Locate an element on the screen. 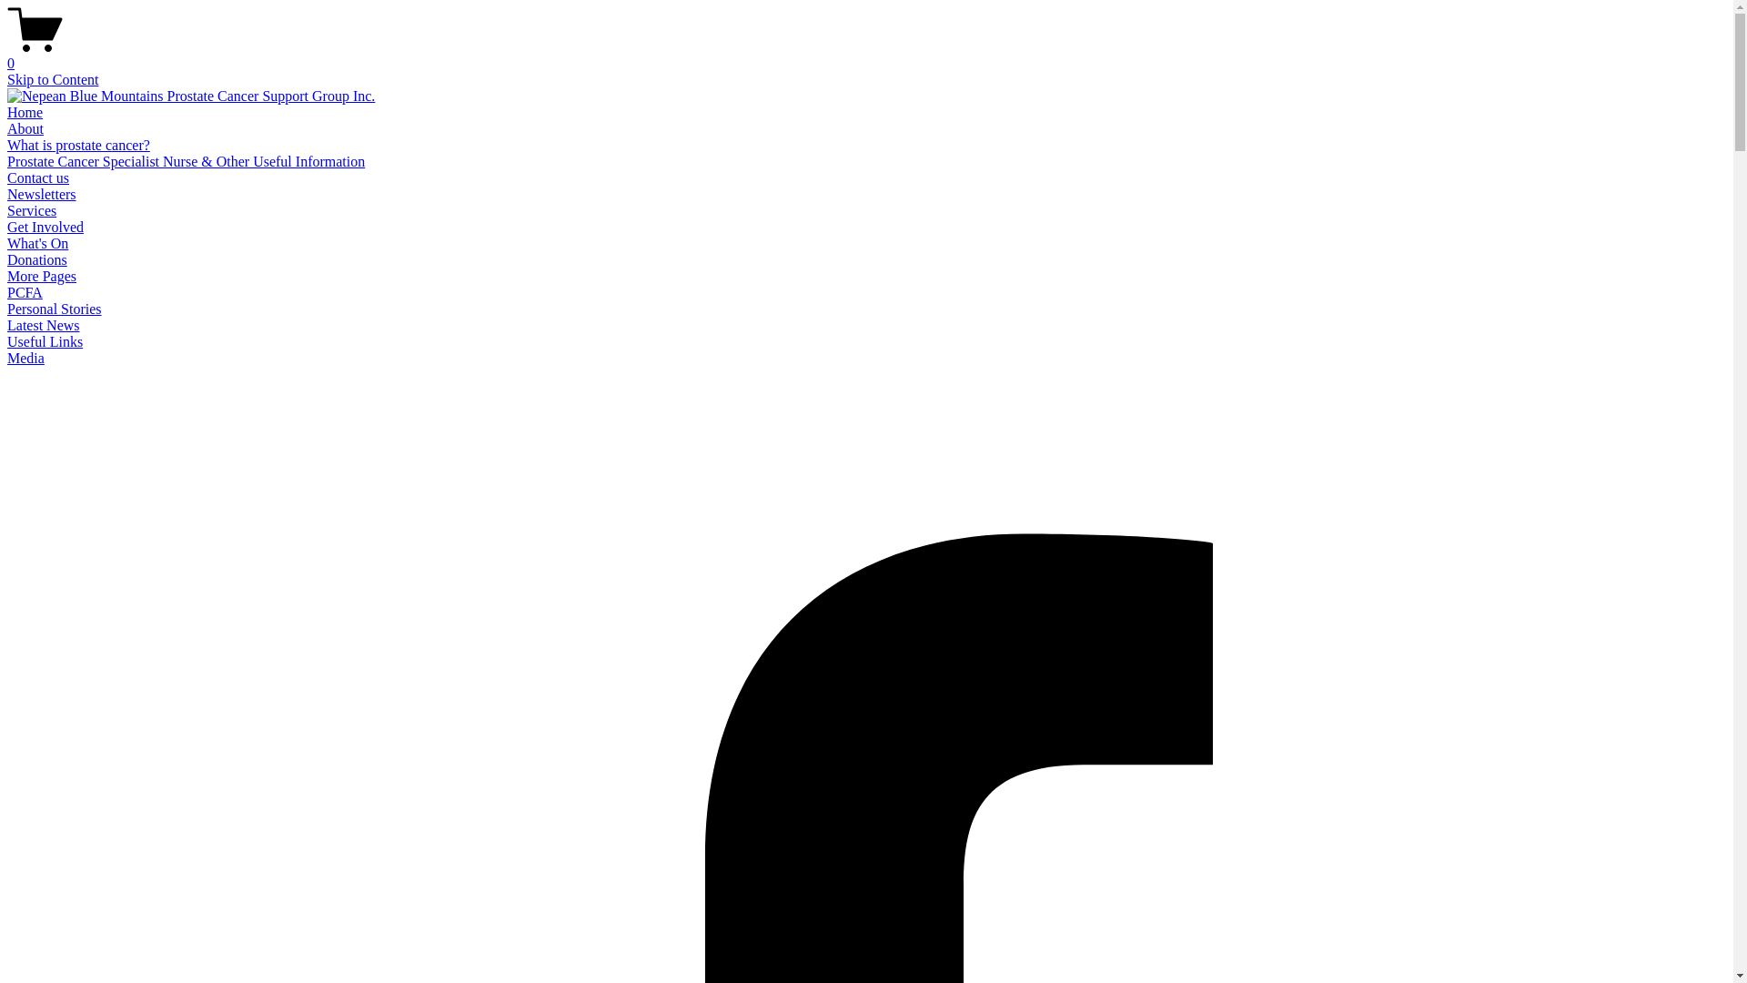 The height and width of the screenshot is (983, 1747). 'Donations' is located at coordinates (37, 259).